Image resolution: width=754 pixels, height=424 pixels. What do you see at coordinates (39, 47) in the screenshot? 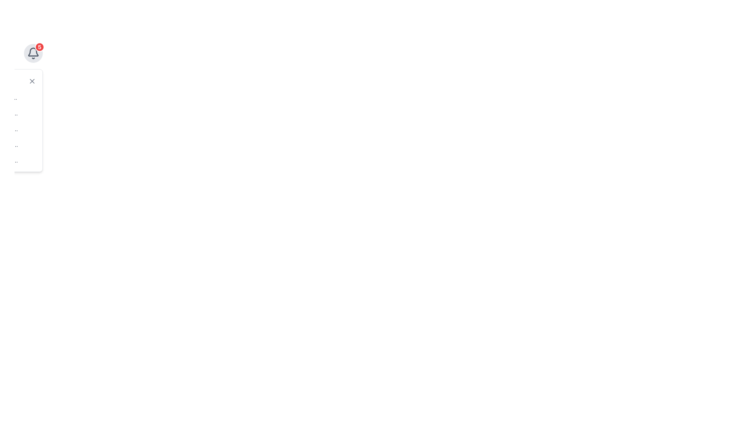
I see `the small circular badge with a red background and white text '5' that is positioned at the top-right corner of a larger circular button with a bell icon` at bounding box center [39, 47].